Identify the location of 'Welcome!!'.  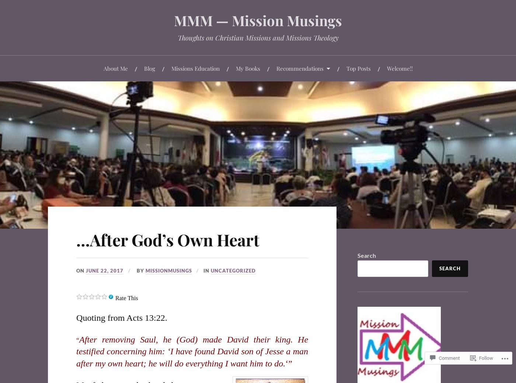
(400, 68).